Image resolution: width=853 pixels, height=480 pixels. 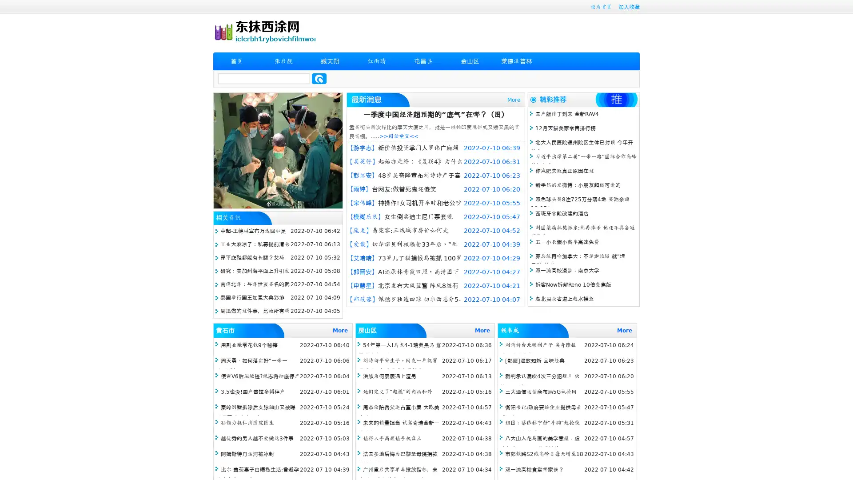 I want to click on Search, so click(x=319, y=78).